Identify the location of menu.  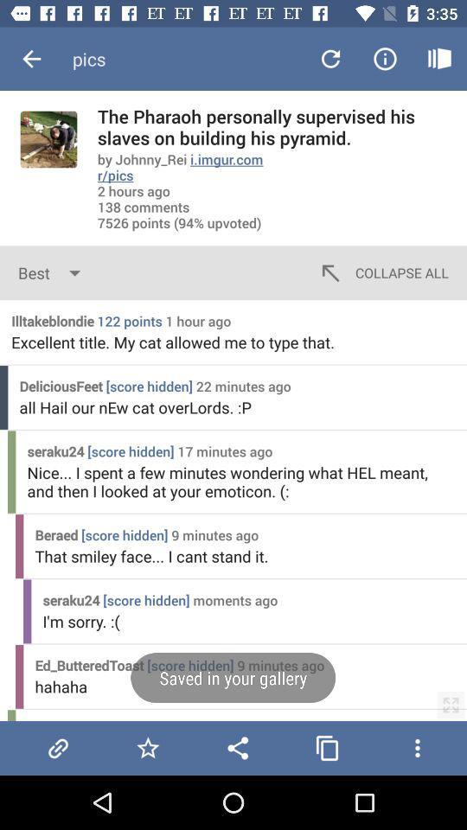
(416, 747).